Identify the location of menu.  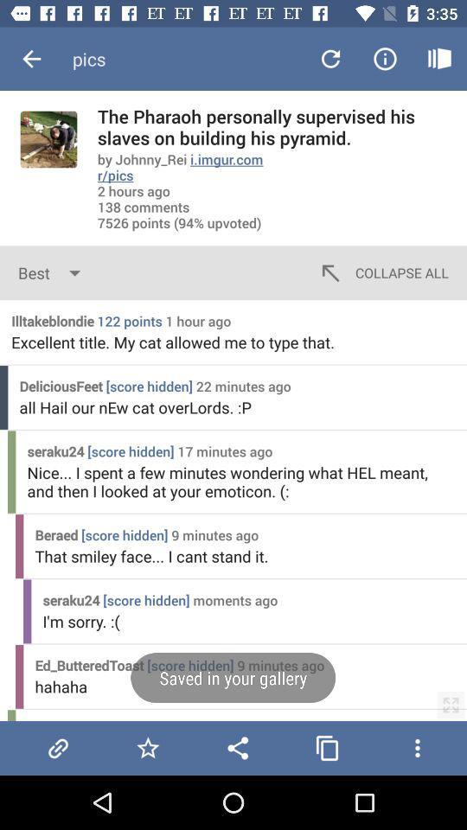
(416, 747).